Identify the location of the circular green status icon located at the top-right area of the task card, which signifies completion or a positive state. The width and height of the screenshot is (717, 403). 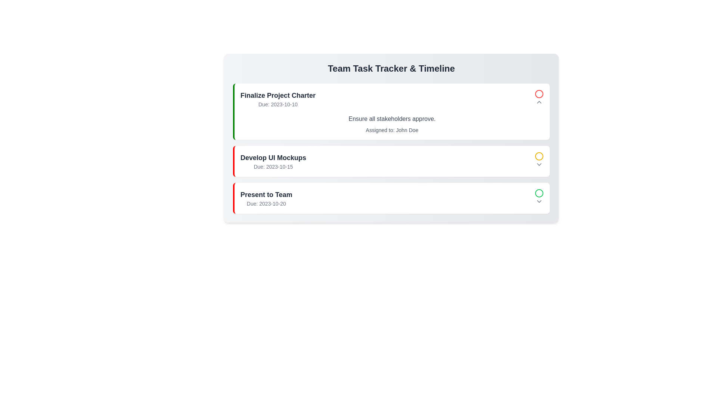
(539, 193).